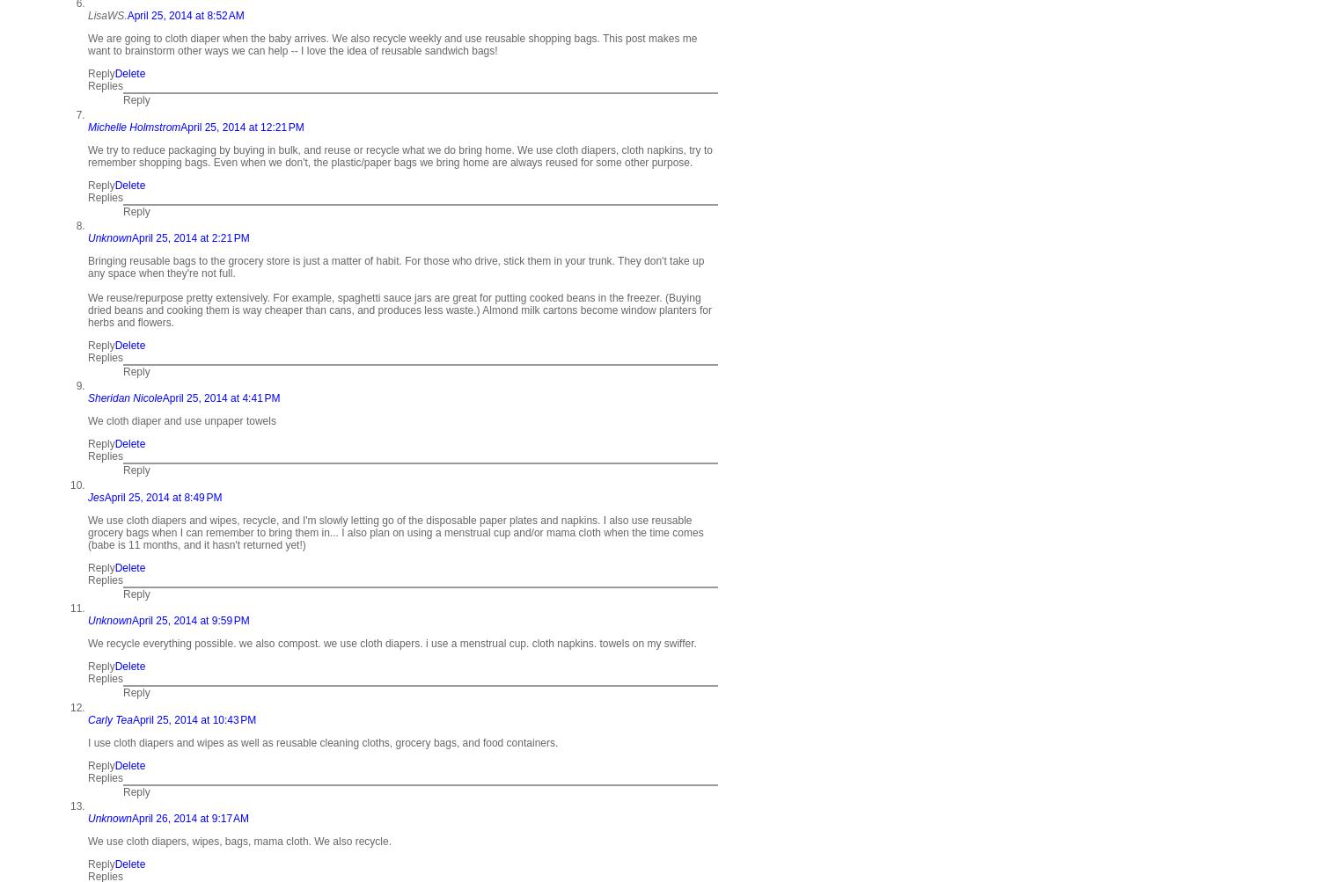 The image size is (1327, 882). Describe the element at coordinates (180, 421) in the screenshot. I see `'We cloth diaper and use unpaper towels'` at that location.